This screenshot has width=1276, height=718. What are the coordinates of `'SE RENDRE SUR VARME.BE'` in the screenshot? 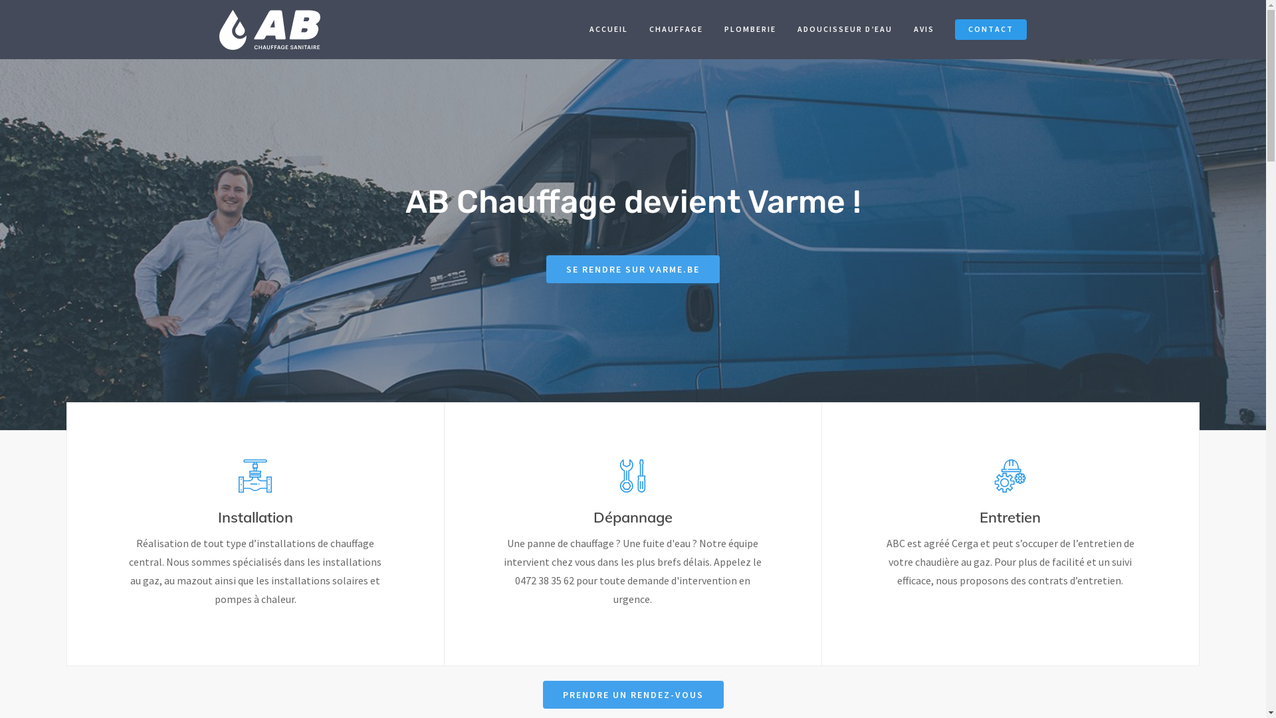 It's located at (632, 269).